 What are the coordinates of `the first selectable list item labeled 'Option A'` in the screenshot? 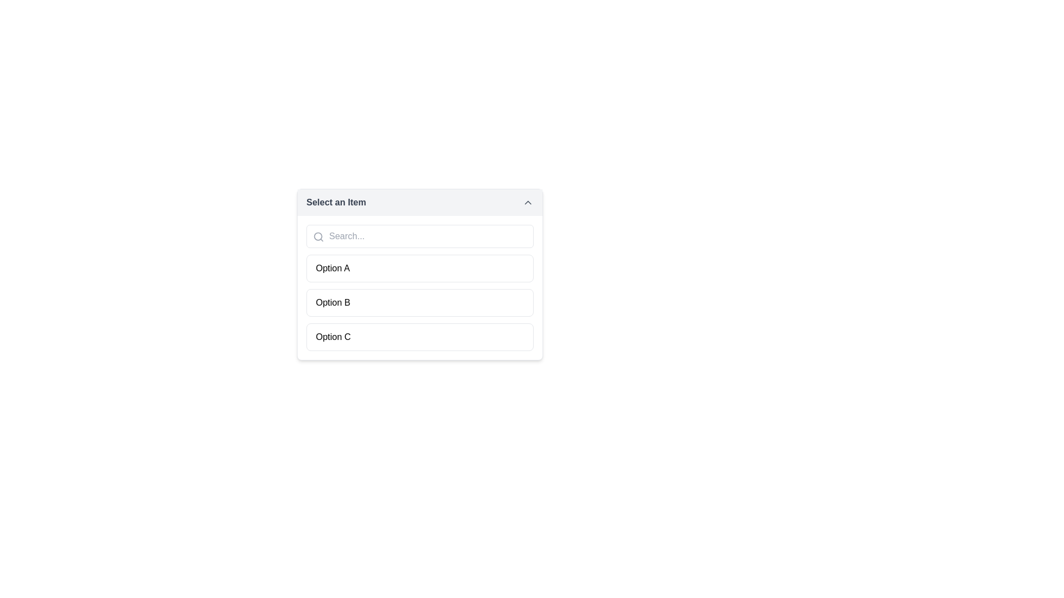 It's located at (420, 269).